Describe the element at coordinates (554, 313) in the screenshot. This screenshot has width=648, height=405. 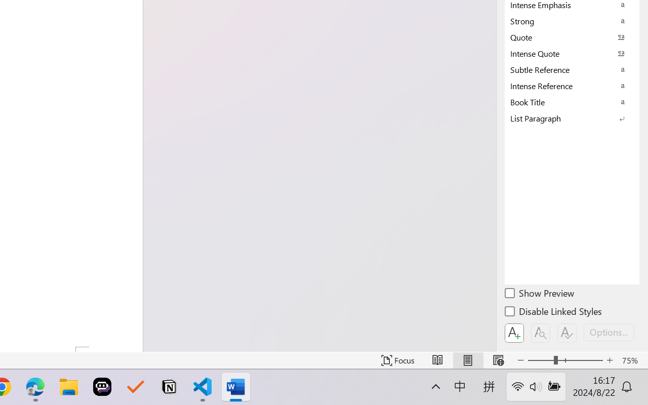
I see `'Disable Linked Styles'` at that location.